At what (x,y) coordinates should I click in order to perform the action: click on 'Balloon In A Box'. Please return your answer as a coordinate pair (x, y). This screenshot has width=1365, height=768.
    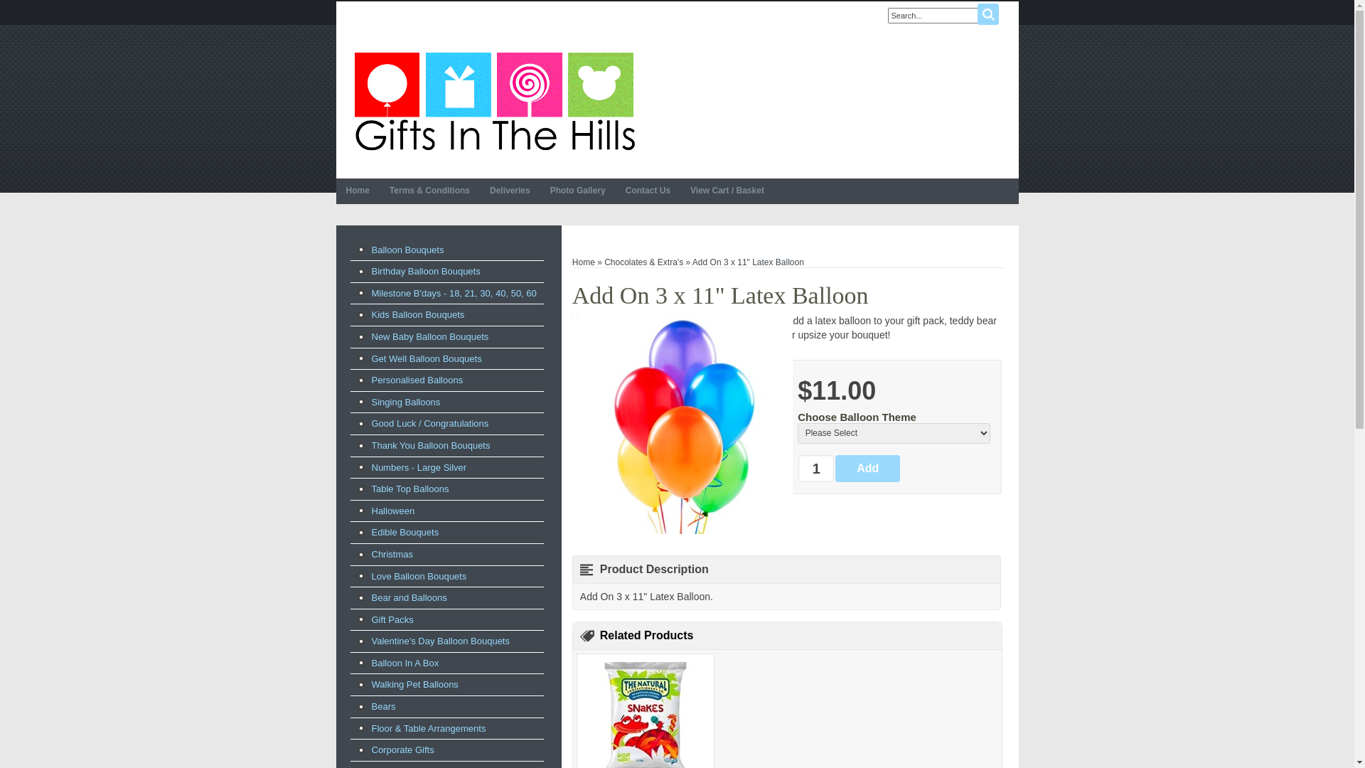
    Looking at the image, I should click on (349, 663).